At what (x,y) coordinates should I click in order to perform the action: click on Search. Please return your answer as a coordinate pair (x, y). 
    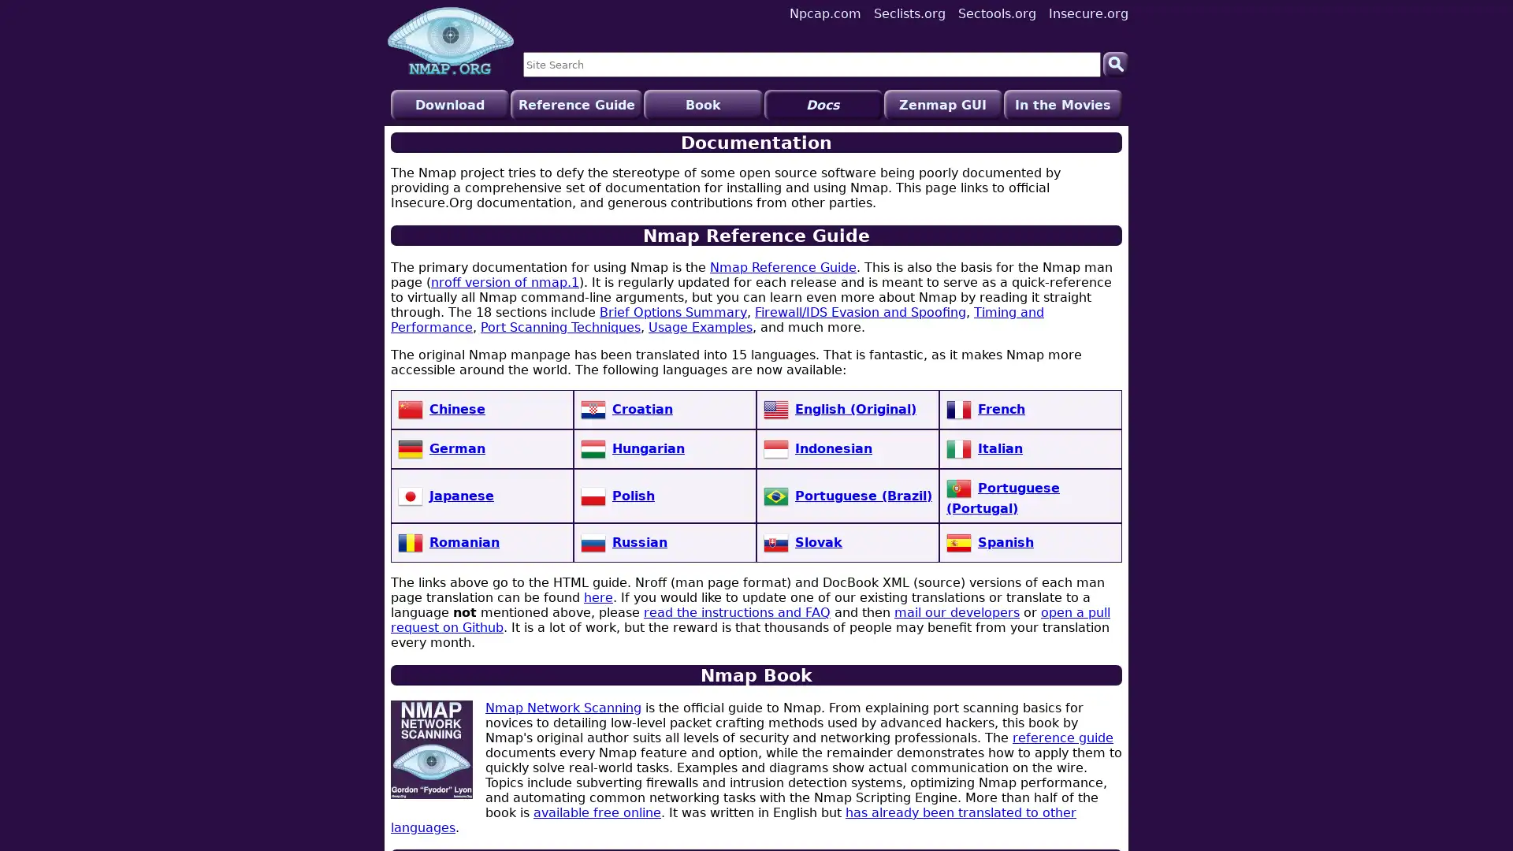
    Looking at the image, I should click on (1115, 63).